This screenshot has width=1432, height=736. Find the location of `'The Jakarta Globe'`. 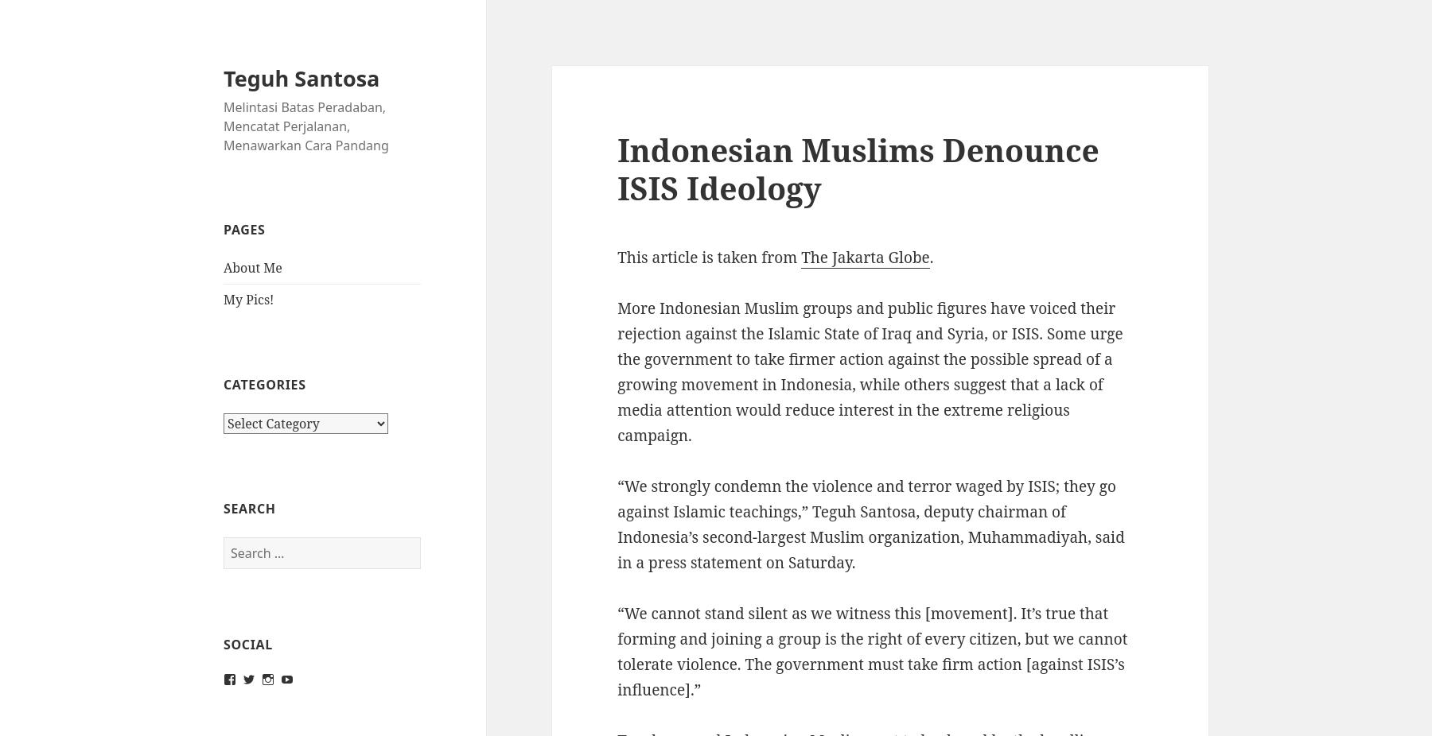

'The Jakarta Globe' is located at coordinates (865, 258).